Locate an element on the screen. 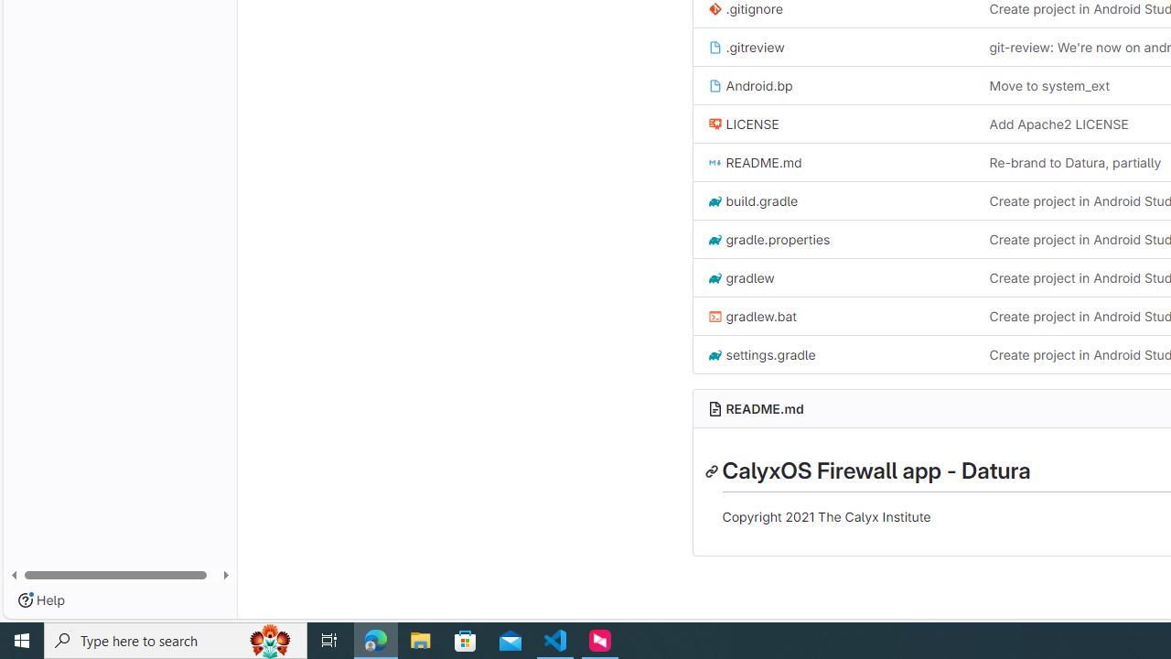 The height and width of the screenshot is (659, 1171). 'Add Apache2 LICENSE' is located at coordinates (1058, 124).